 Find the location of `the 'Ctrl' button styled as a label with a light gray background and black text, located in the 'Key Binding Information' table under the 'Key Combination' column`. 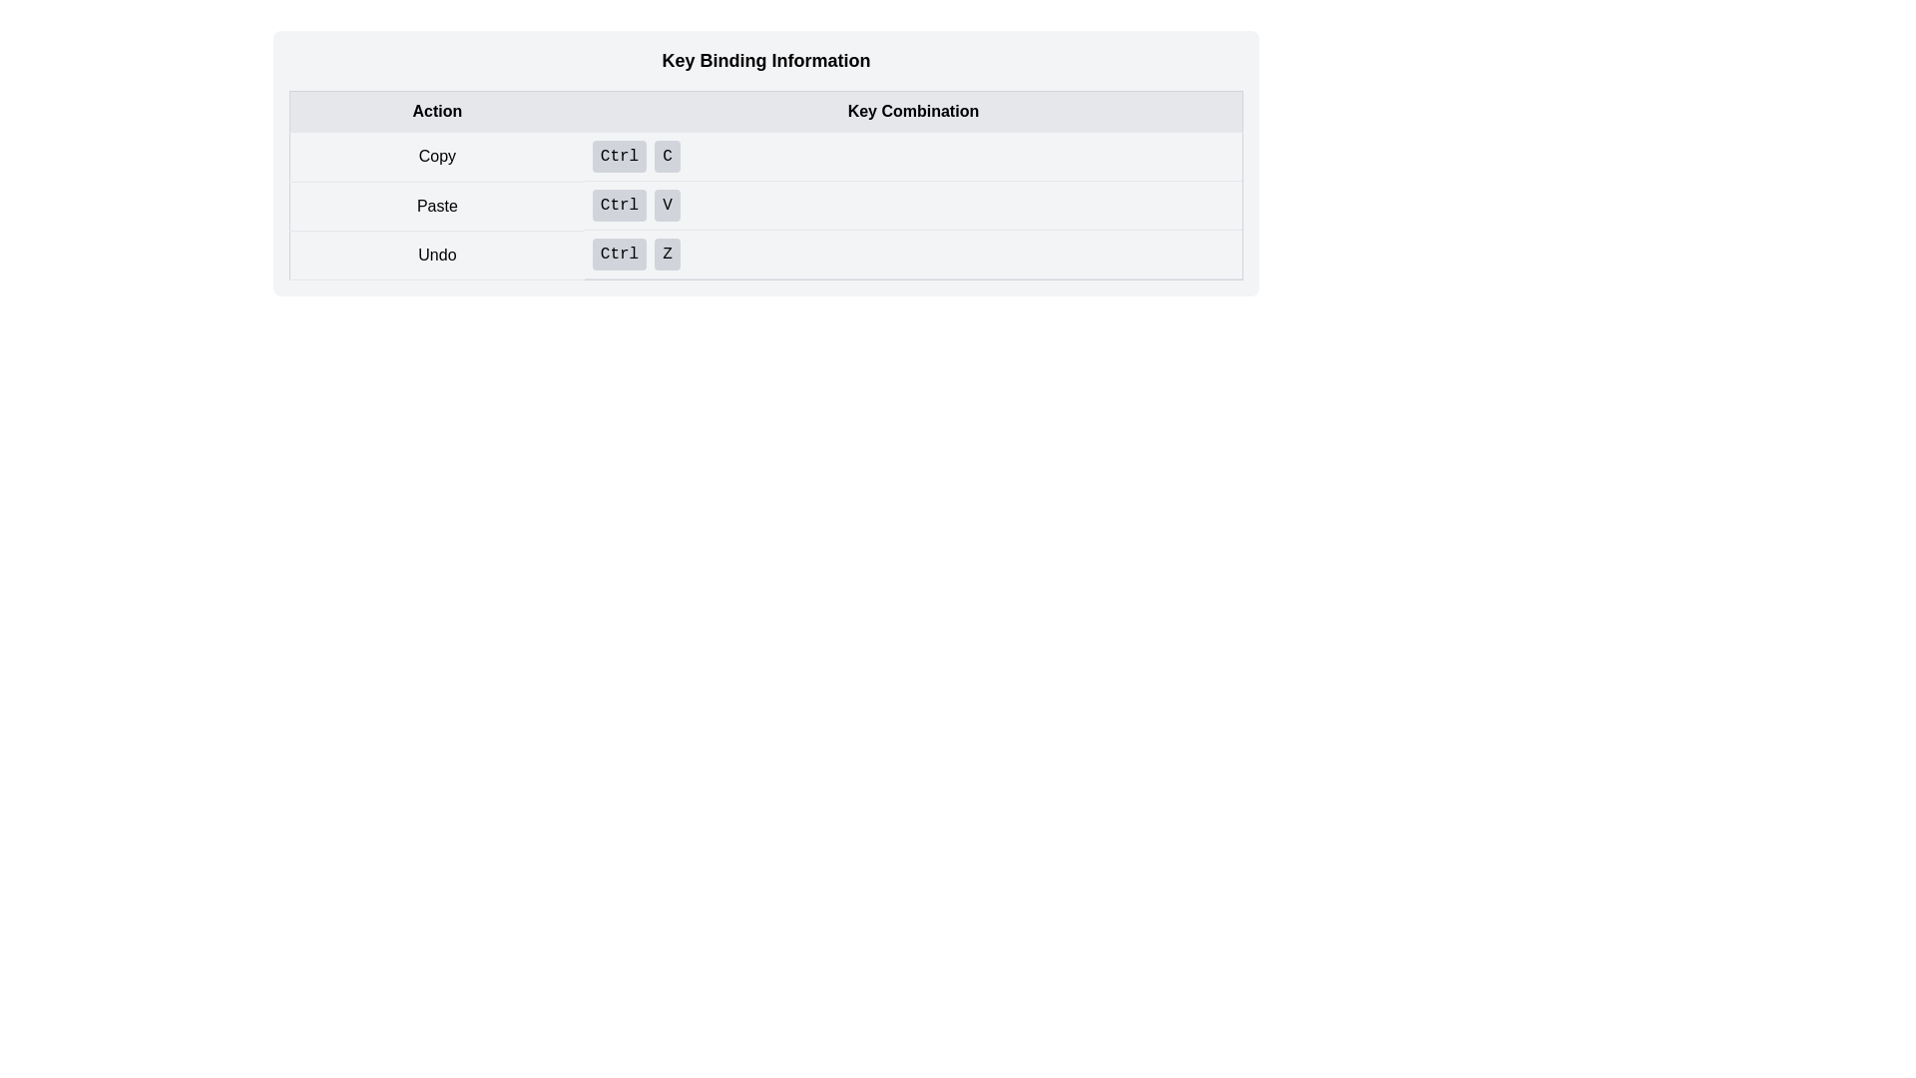

the 'Ctrl' button styled as a label with a light gray background and black text, located in the 'Key Binding Information' table under the 'Key Combination' column is located at coordinates (618, 156).